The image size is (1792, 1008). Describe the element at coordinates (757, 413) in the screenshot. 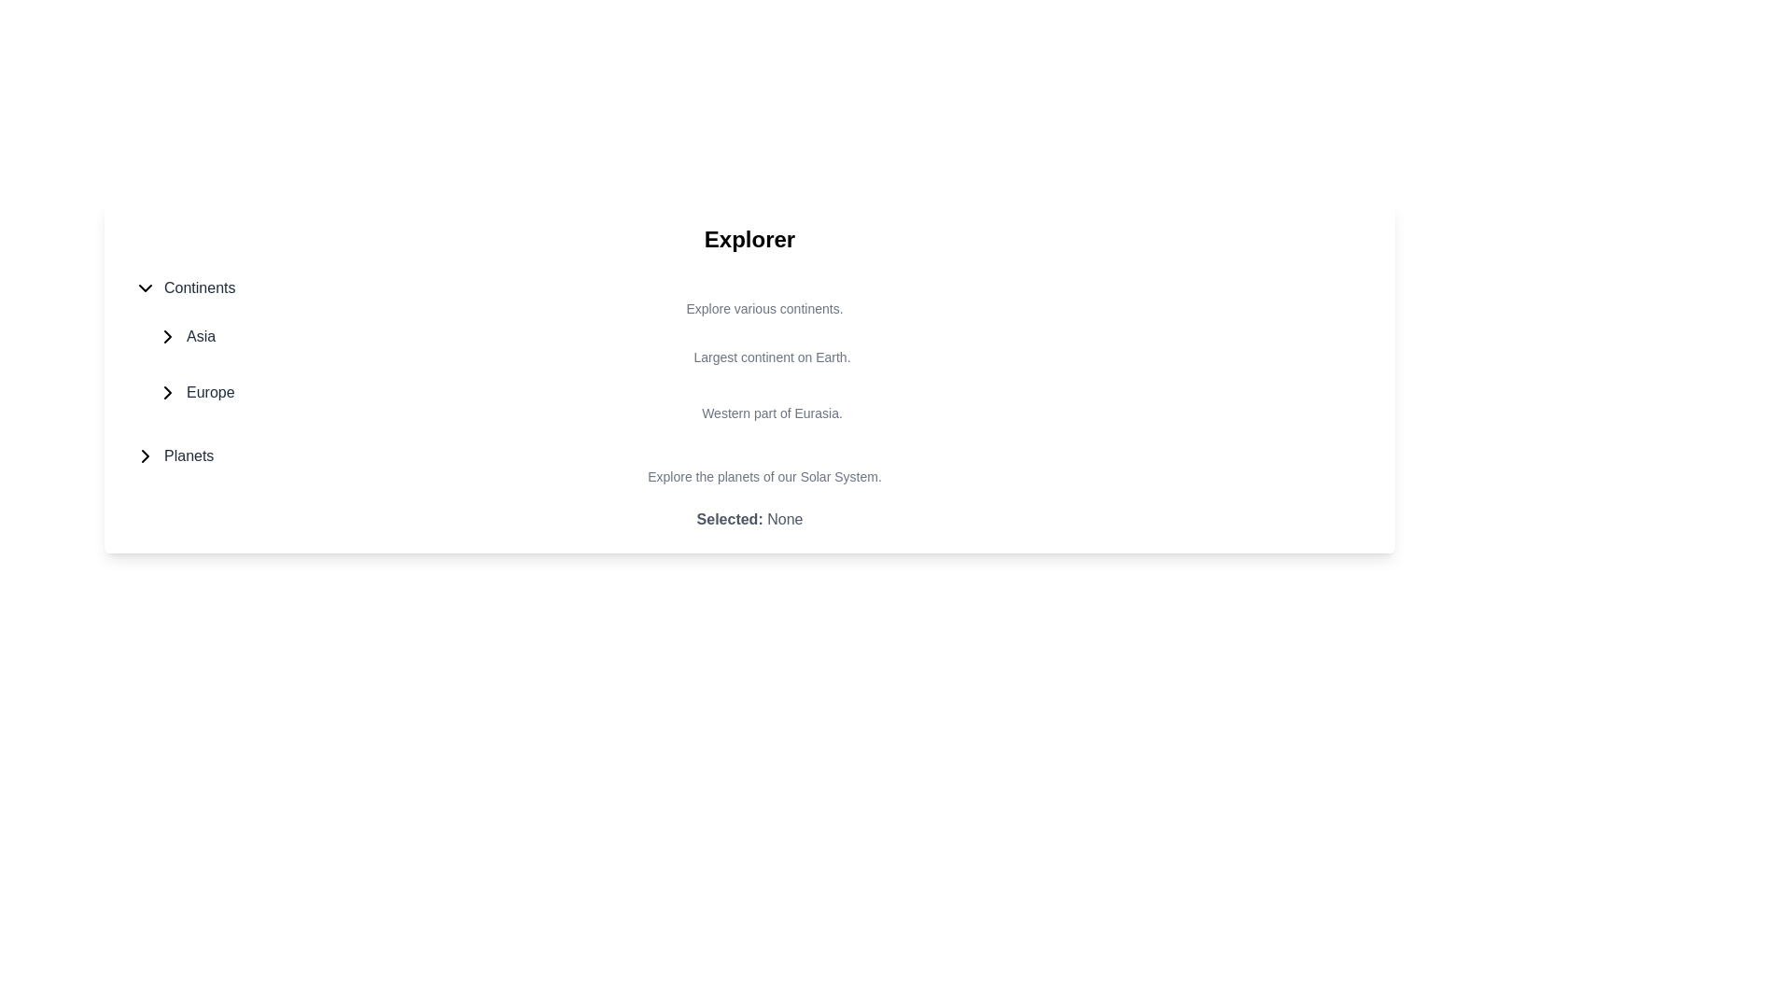

I see `text content of the informational description label located below the 'Europe' title in the UI` at that location.